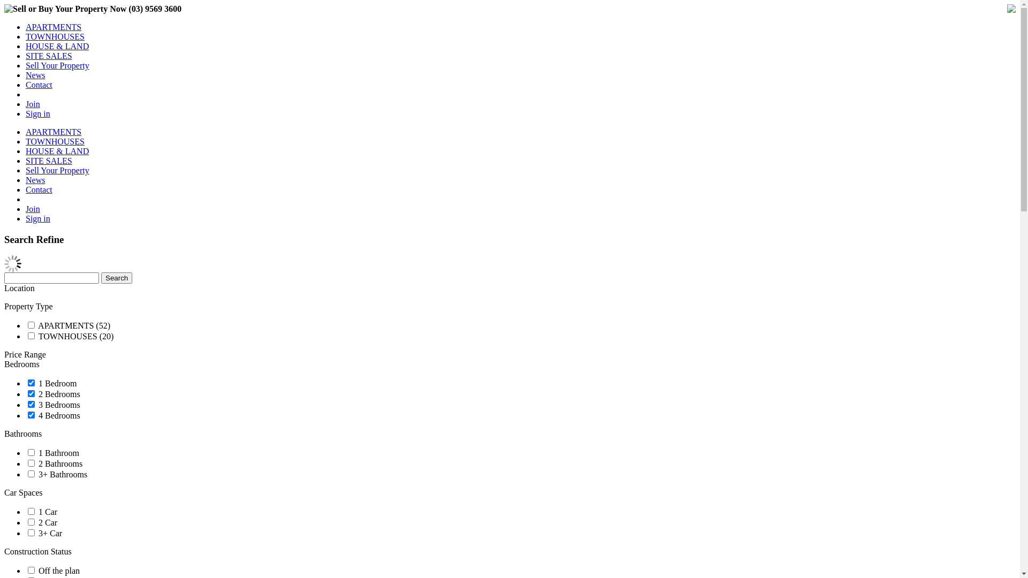 This screenshot has height=578, width=1028. I want to click on 'SITE SALES', so click(48, 56).